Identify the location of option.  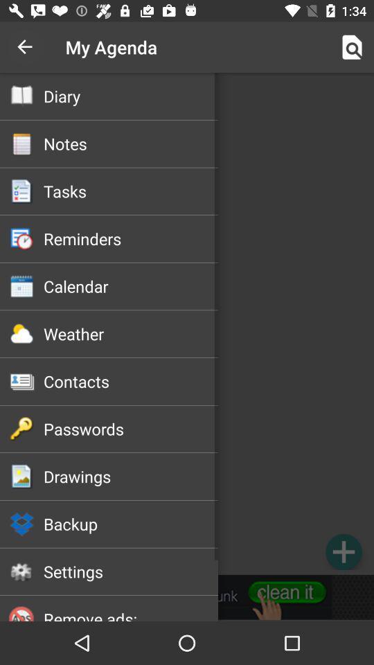
(187, 323).